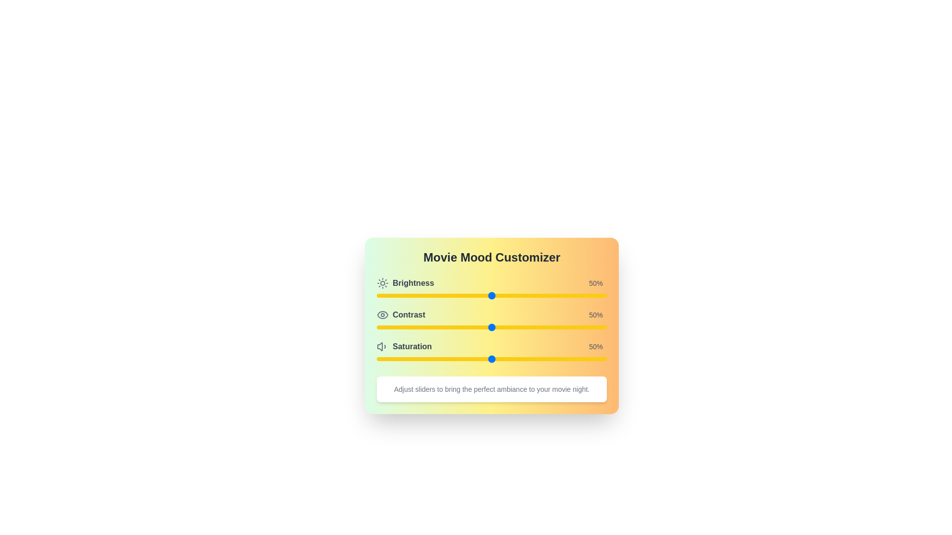  I want to click on the saturation level, so click(551, 359).